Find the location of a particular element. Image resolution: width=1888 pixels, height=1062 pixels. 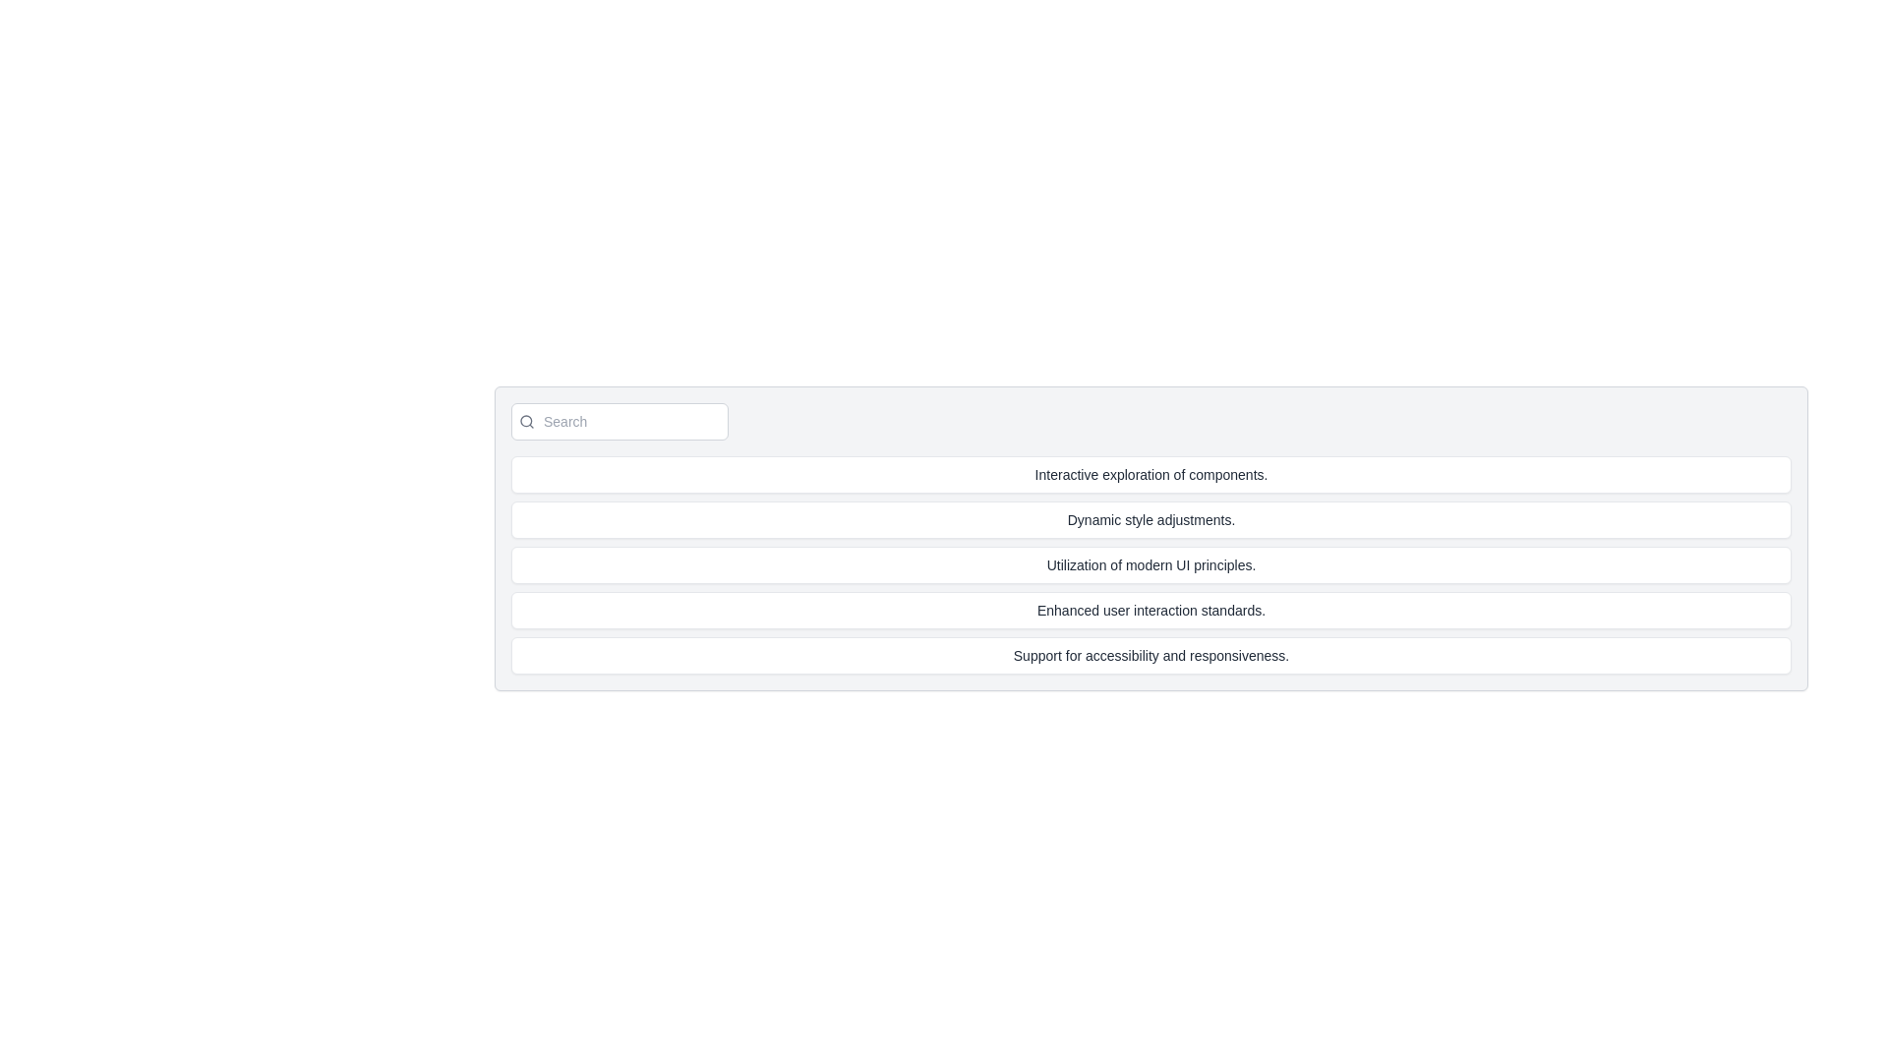

the first character of the phrase 'Dynamic style adjustments.' located in the second row of the information list for reading is located at coordinates (1071, 518).